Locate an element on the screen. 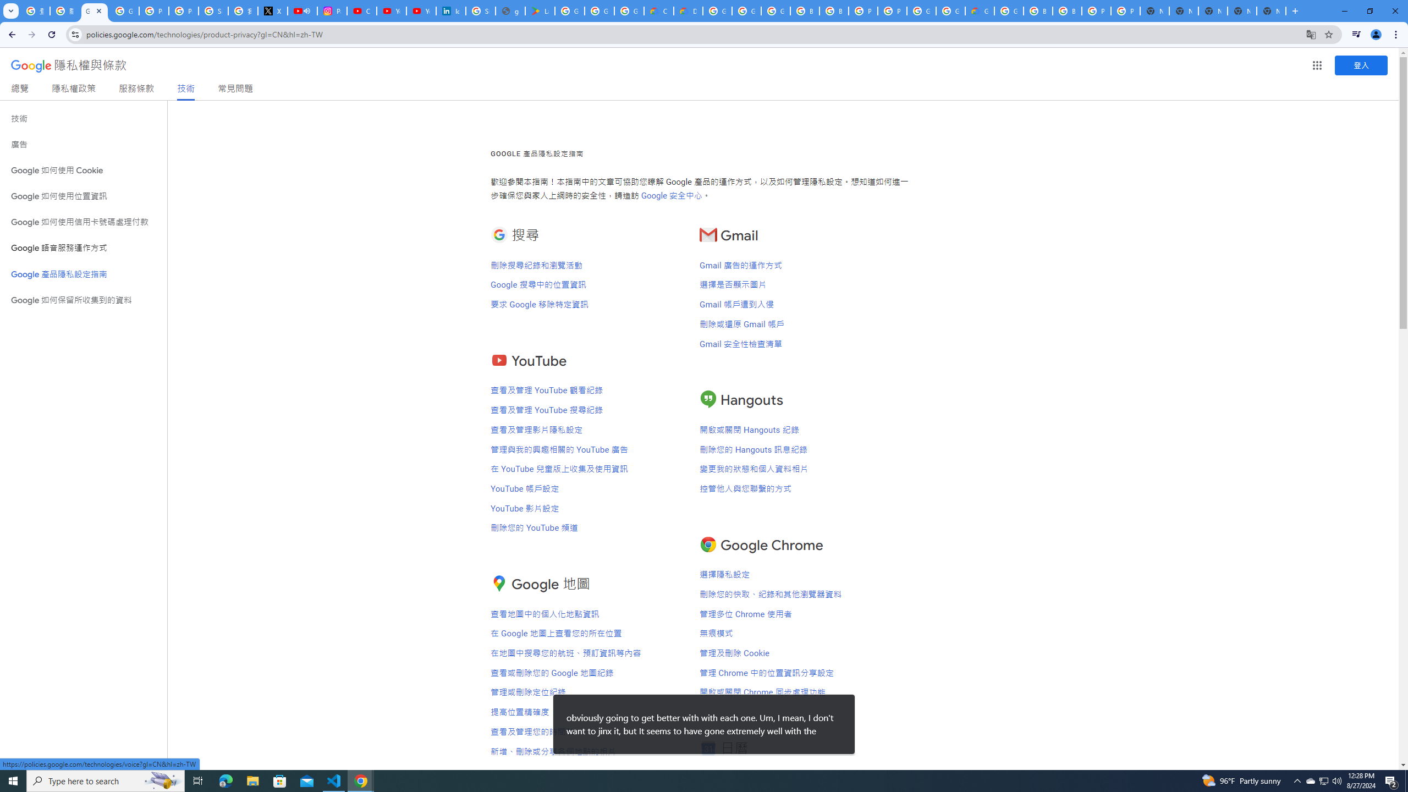  'New Tab' is located at coordinates (1271, 10).